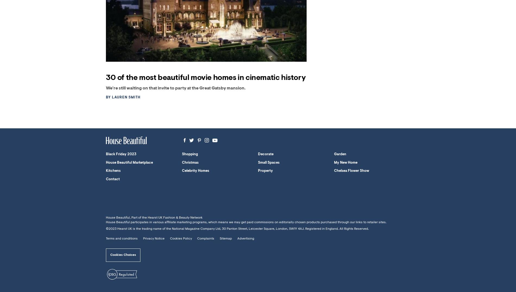  I want to click on 'Kitchens', so click(113, 171).